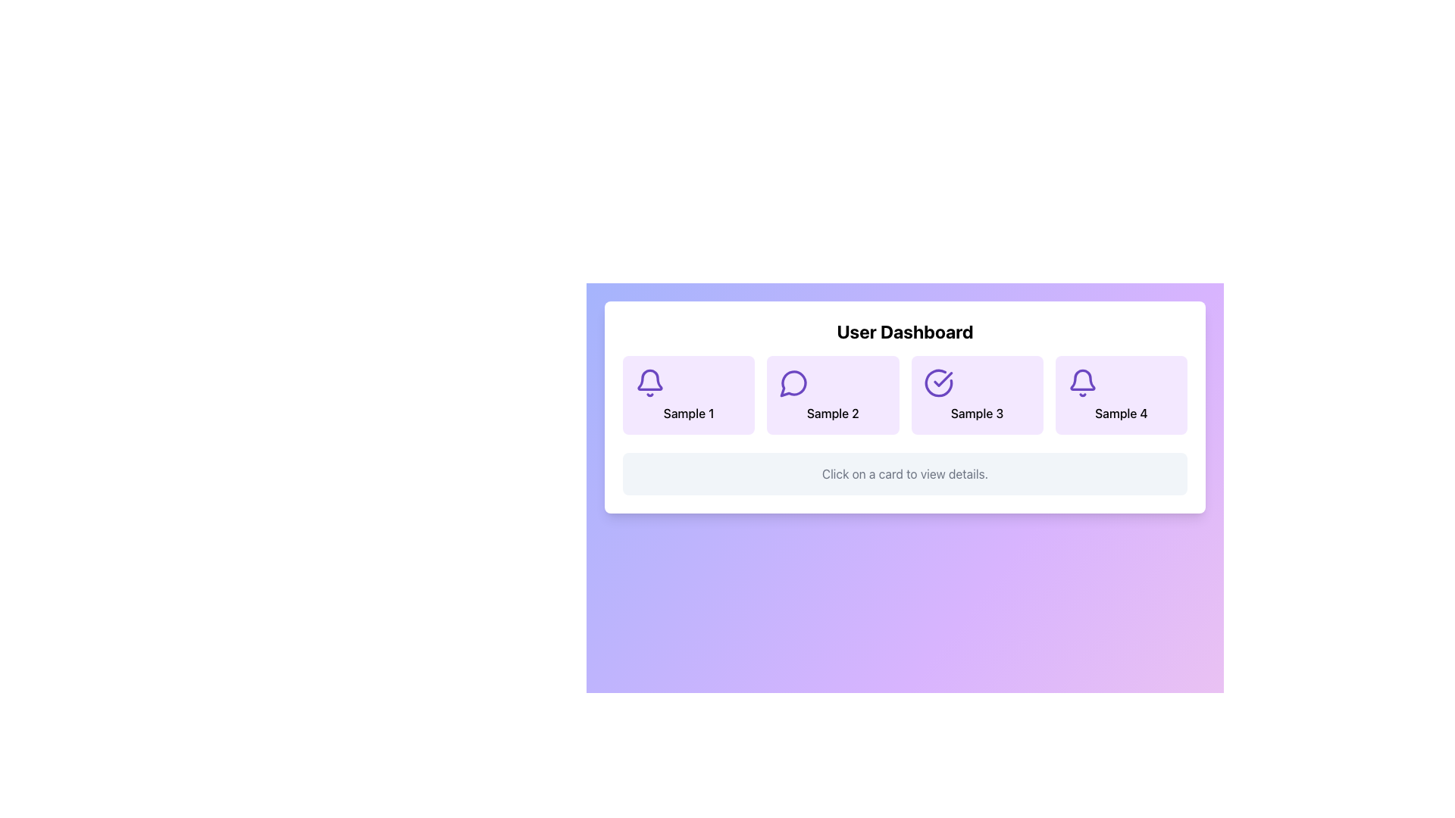 The height and width of the screenshot is (818, 1455). Describe the element at coordinates (937, 382) in the screenshot. I see `the circular icon with a checkmark inside, located in the 'Sample 3' card` at that location.